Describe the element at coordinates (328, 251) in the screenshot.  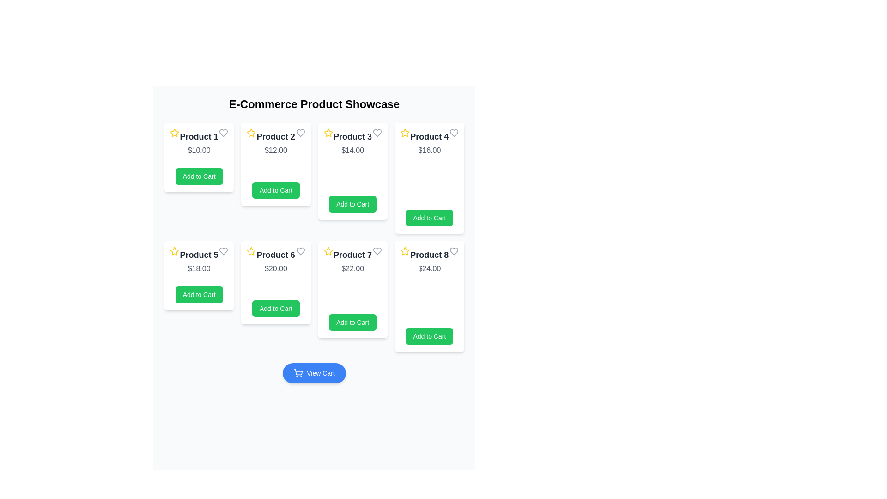
I see `the star icon in the top-left corner of the product card for 'Product 7' to mark it as a favorite` at that location.